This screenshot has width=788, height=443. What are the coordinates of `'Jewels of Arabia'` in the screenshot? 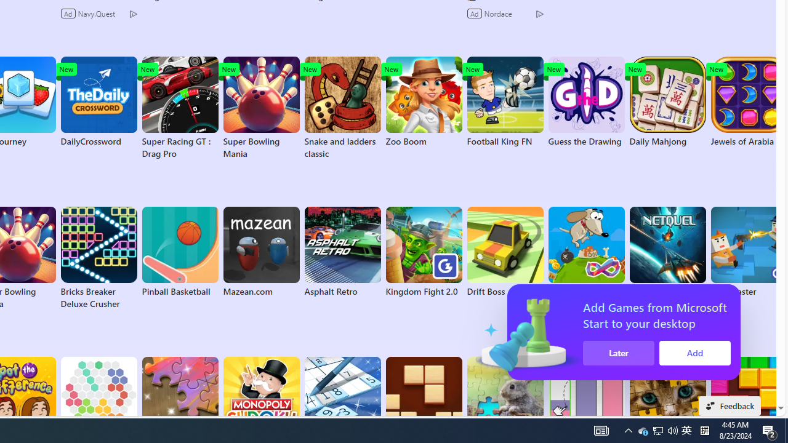 It's located at (748, 101).